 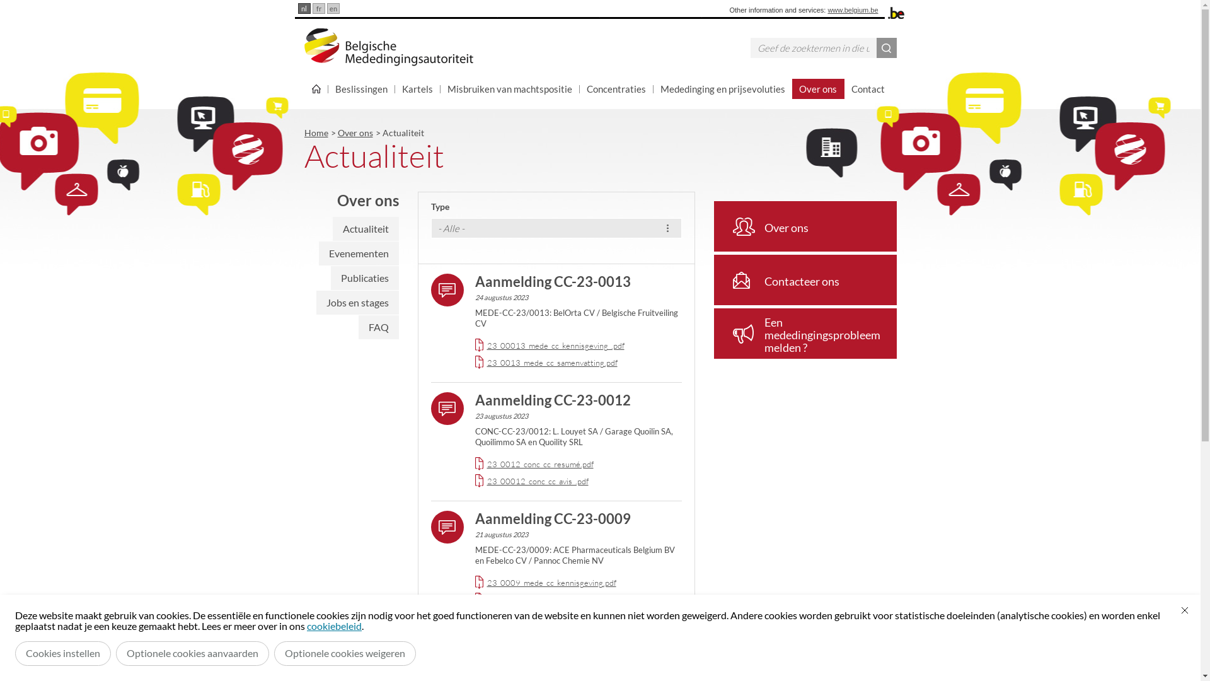 What do you see at coordinates (616, 88) in the screenshot?
I see `'Concentraties'` at bounding box center [616, 88].